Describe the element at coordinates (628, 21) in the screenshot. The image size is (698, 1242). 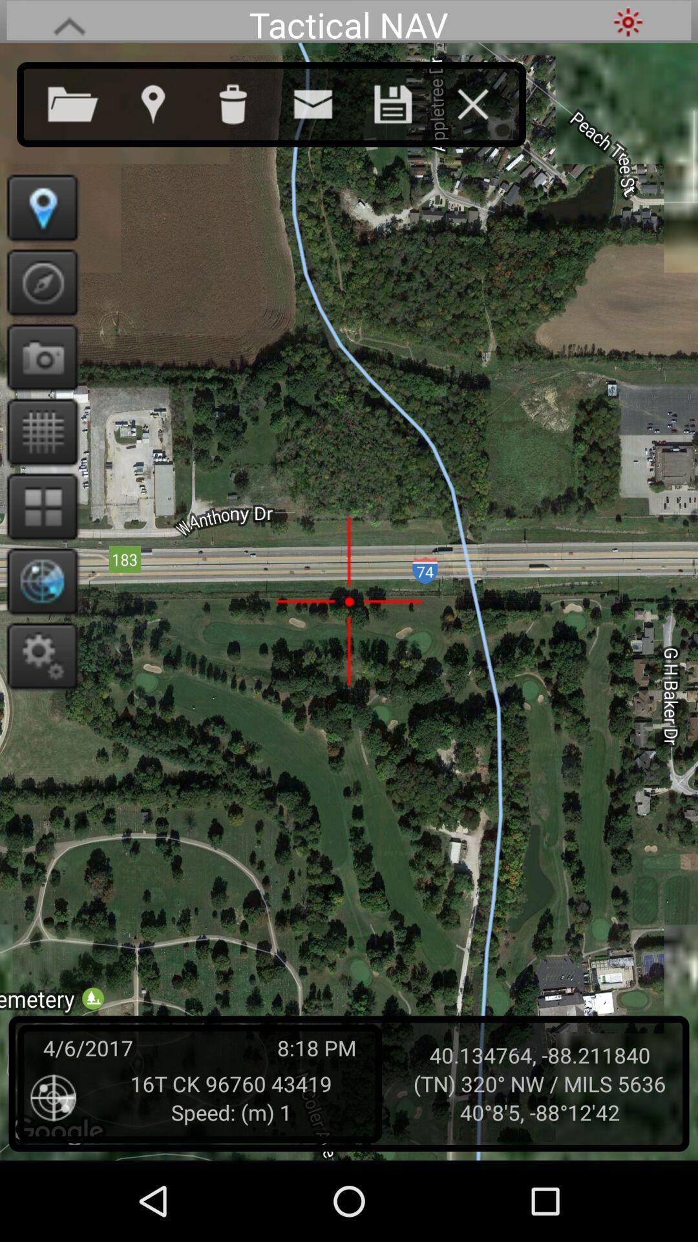
I see `change brightness` at that location.